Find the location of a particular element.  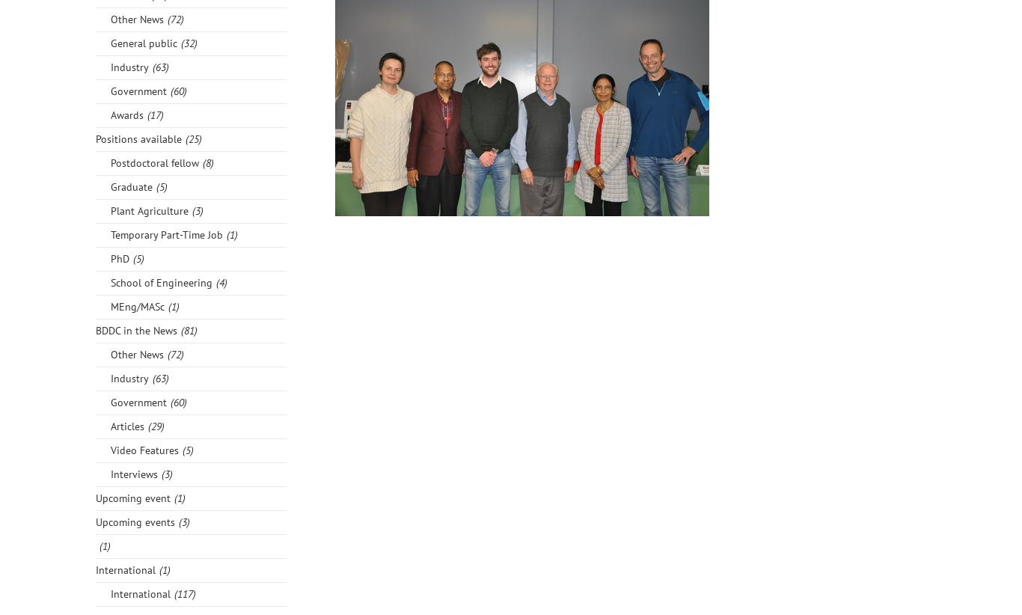

'(25)' is located at coordinates (193, 138).